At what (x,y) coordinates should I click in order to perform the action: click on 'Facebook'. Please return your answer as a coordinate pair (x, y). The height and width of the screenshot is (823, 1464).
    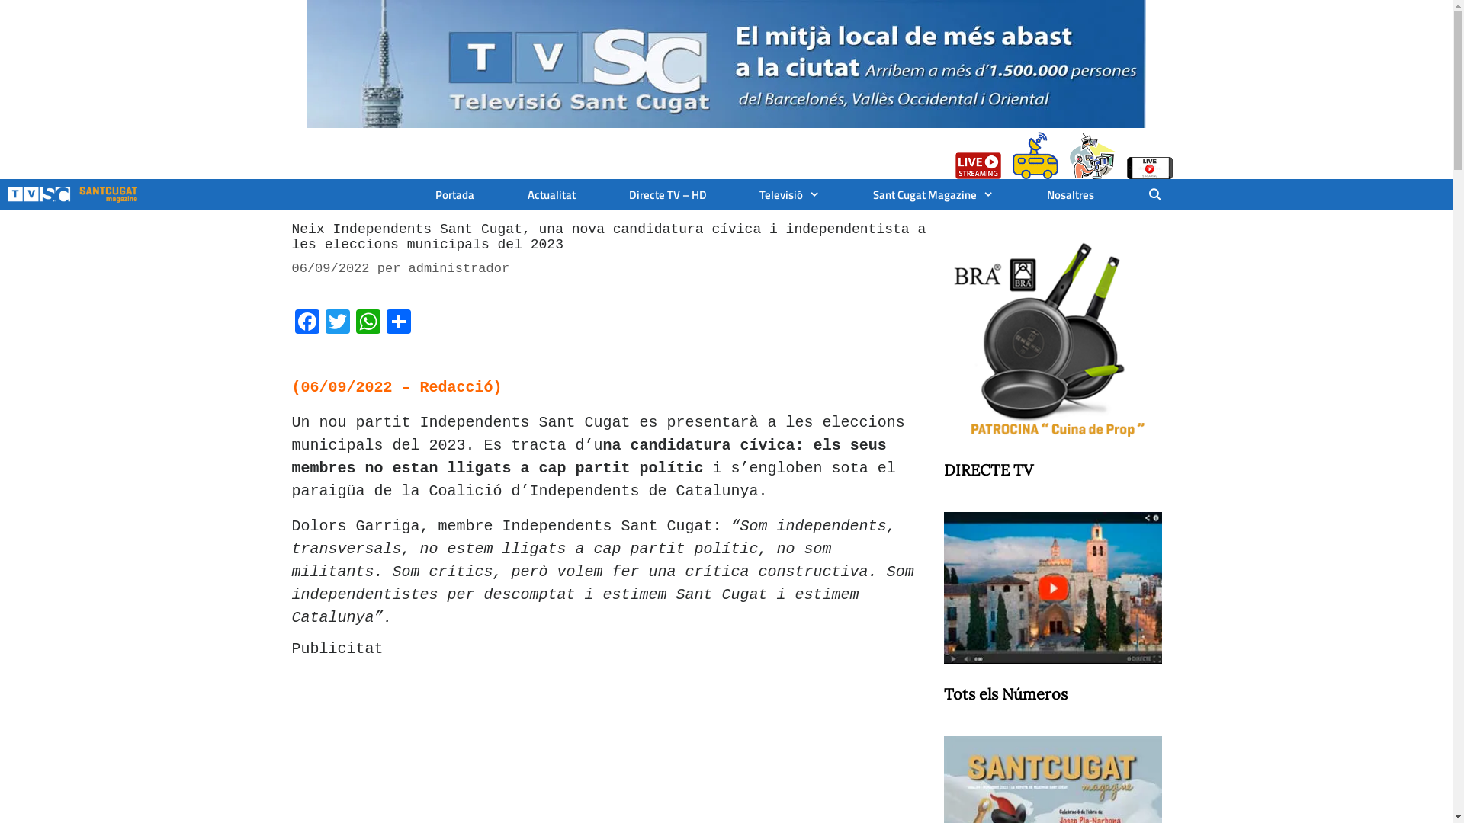
    Looking at the image, I should click on (306, 323).